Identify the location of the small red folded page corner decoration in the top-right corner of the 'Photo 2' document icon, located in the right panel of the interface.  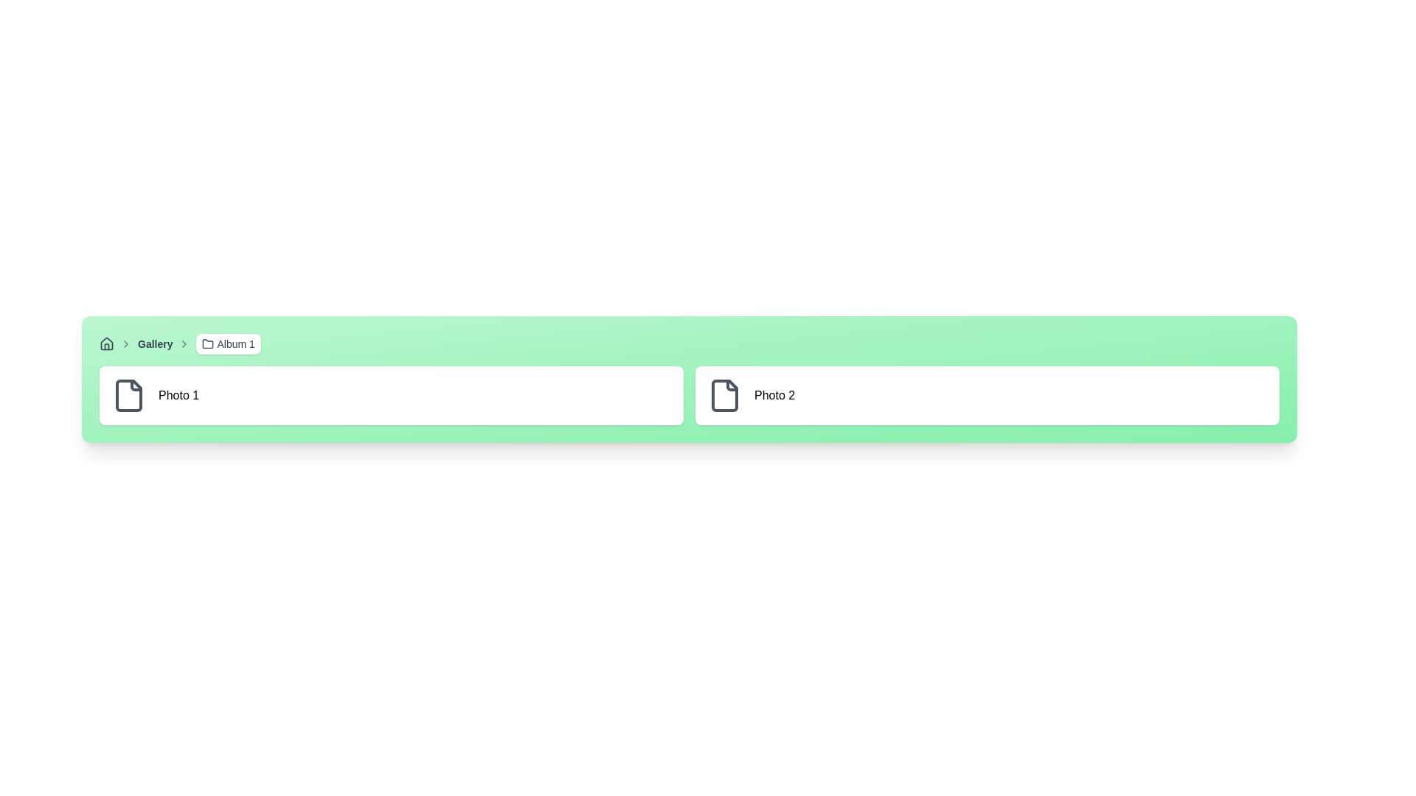
(732, 385).